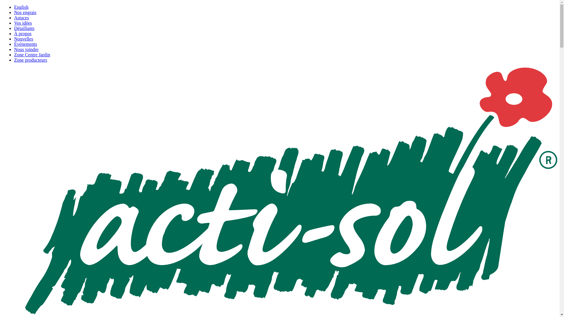 The height and width of the screenshot is (317, 564). What do you see at coordinates (26, 49) in the screenshot?
I see `'Nous joindre'` at bounding box center [26, 49].